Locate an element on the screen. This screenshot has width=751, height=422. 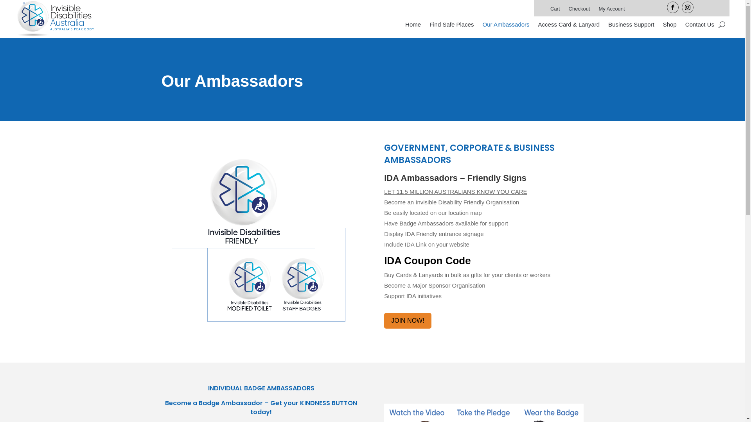
'Business Support' is located at coordinates (631, 25).